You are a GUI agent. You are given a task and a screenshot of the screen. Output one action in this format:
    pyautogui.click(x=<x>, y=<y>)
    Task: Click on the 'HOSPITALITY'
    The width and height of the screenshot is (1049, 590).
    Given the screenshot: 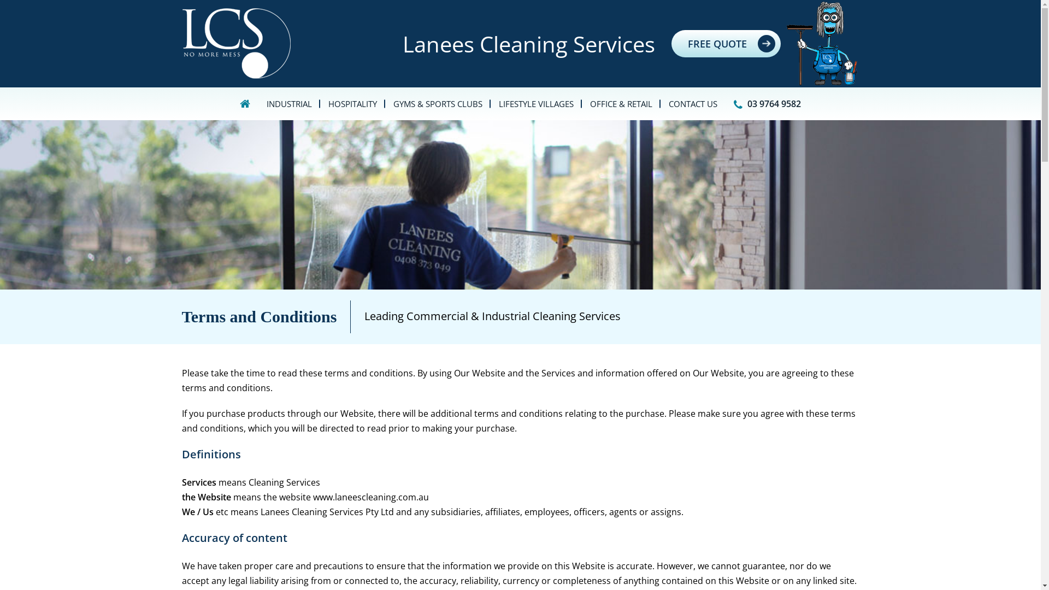 What is the action you would take?
    pyautogui.click(x=352, y=103)
    